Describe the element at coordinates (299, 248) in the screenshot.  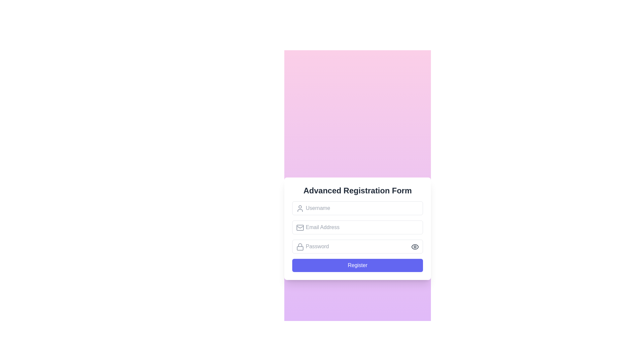
I see `the secure password functionality icon next to the password input field in the registration form` at that location.